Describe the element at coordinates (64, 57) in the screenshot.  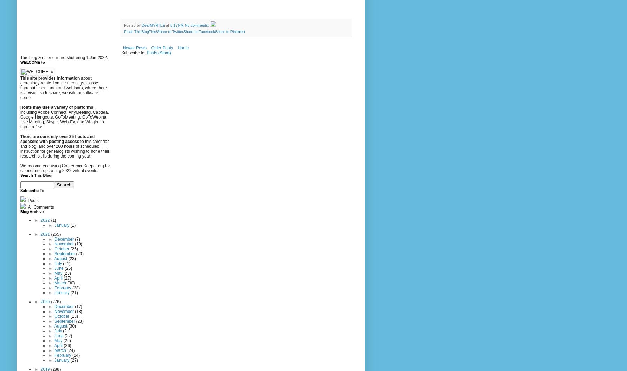
I see `'This blog & calendar are shuttering 1 Jan 2022.'` at that location.